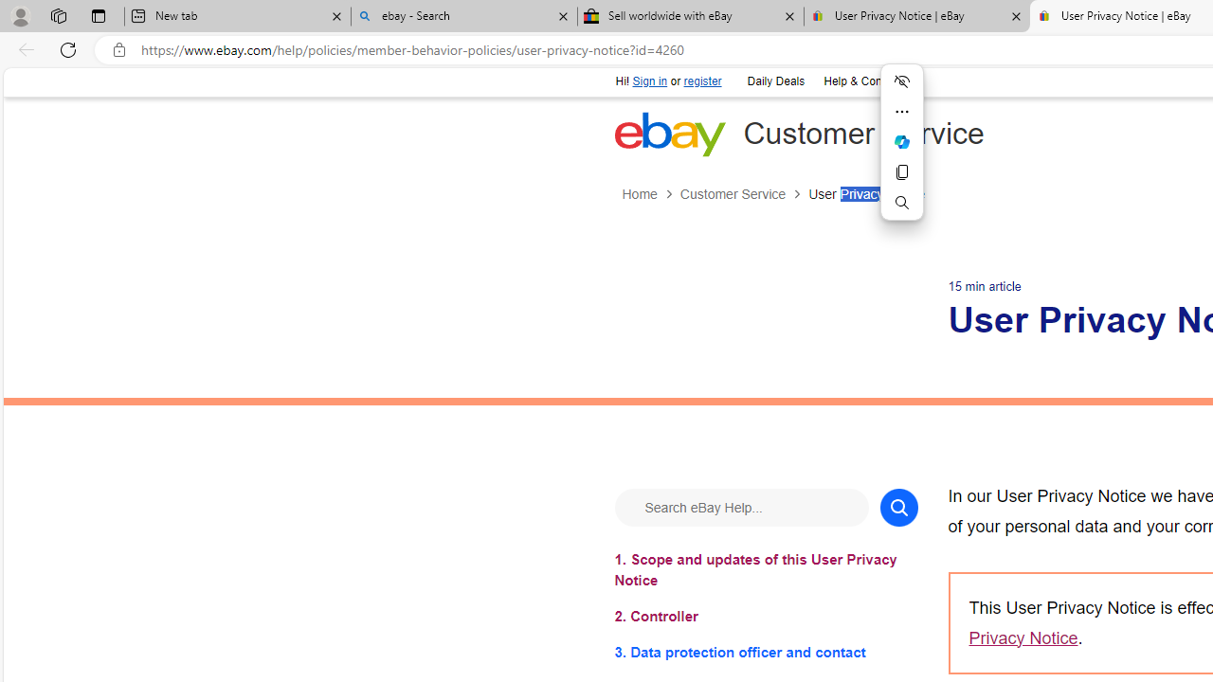  I want to click on 'More actions', so click(901, 112).